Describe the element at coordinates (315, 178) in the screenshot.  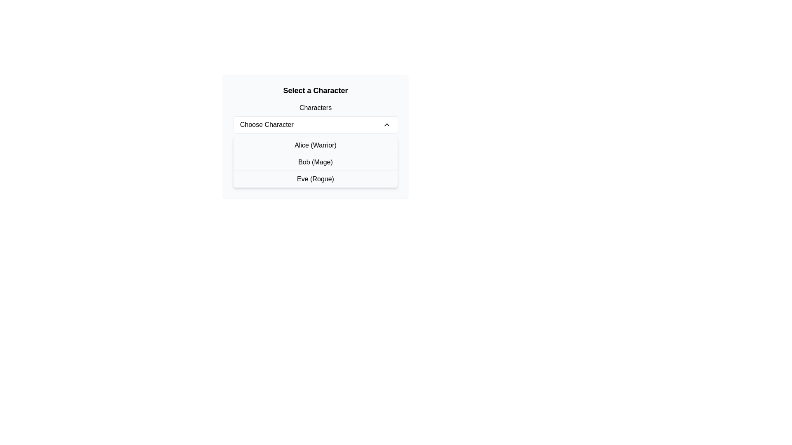
I see `the selectable list item labeled 'Eve (Rogue)' to indicate selection, which is the third item in the list under 'Select a Character'` at that location.